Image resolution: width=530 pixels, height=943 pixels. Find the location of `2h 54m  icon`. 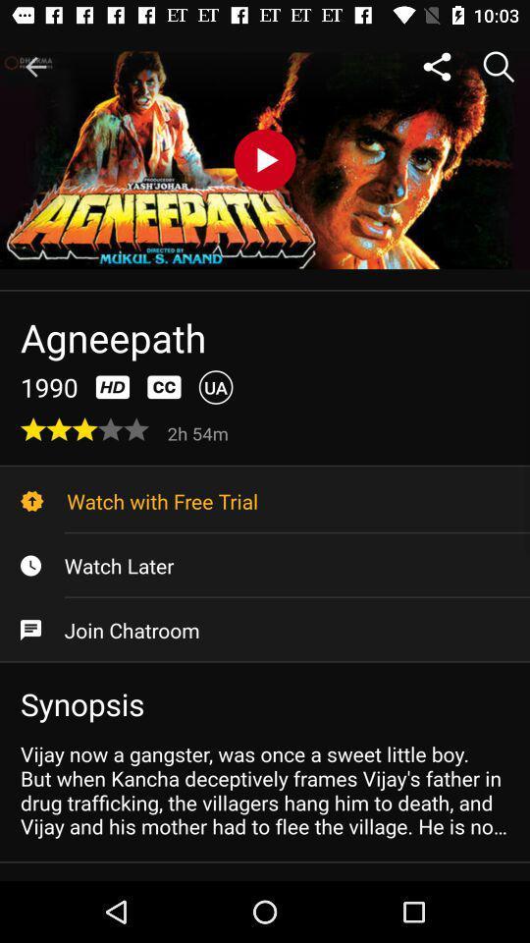

2h 54m  icon is located at coordinates (199, 432).